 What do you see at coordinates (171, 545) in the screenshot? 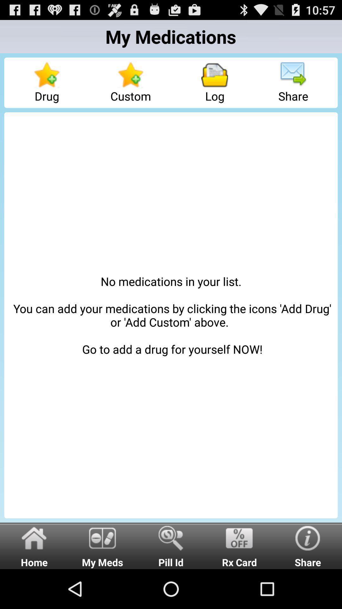
I see `icon to the left of the rx card` at bounding box center [171, 545].